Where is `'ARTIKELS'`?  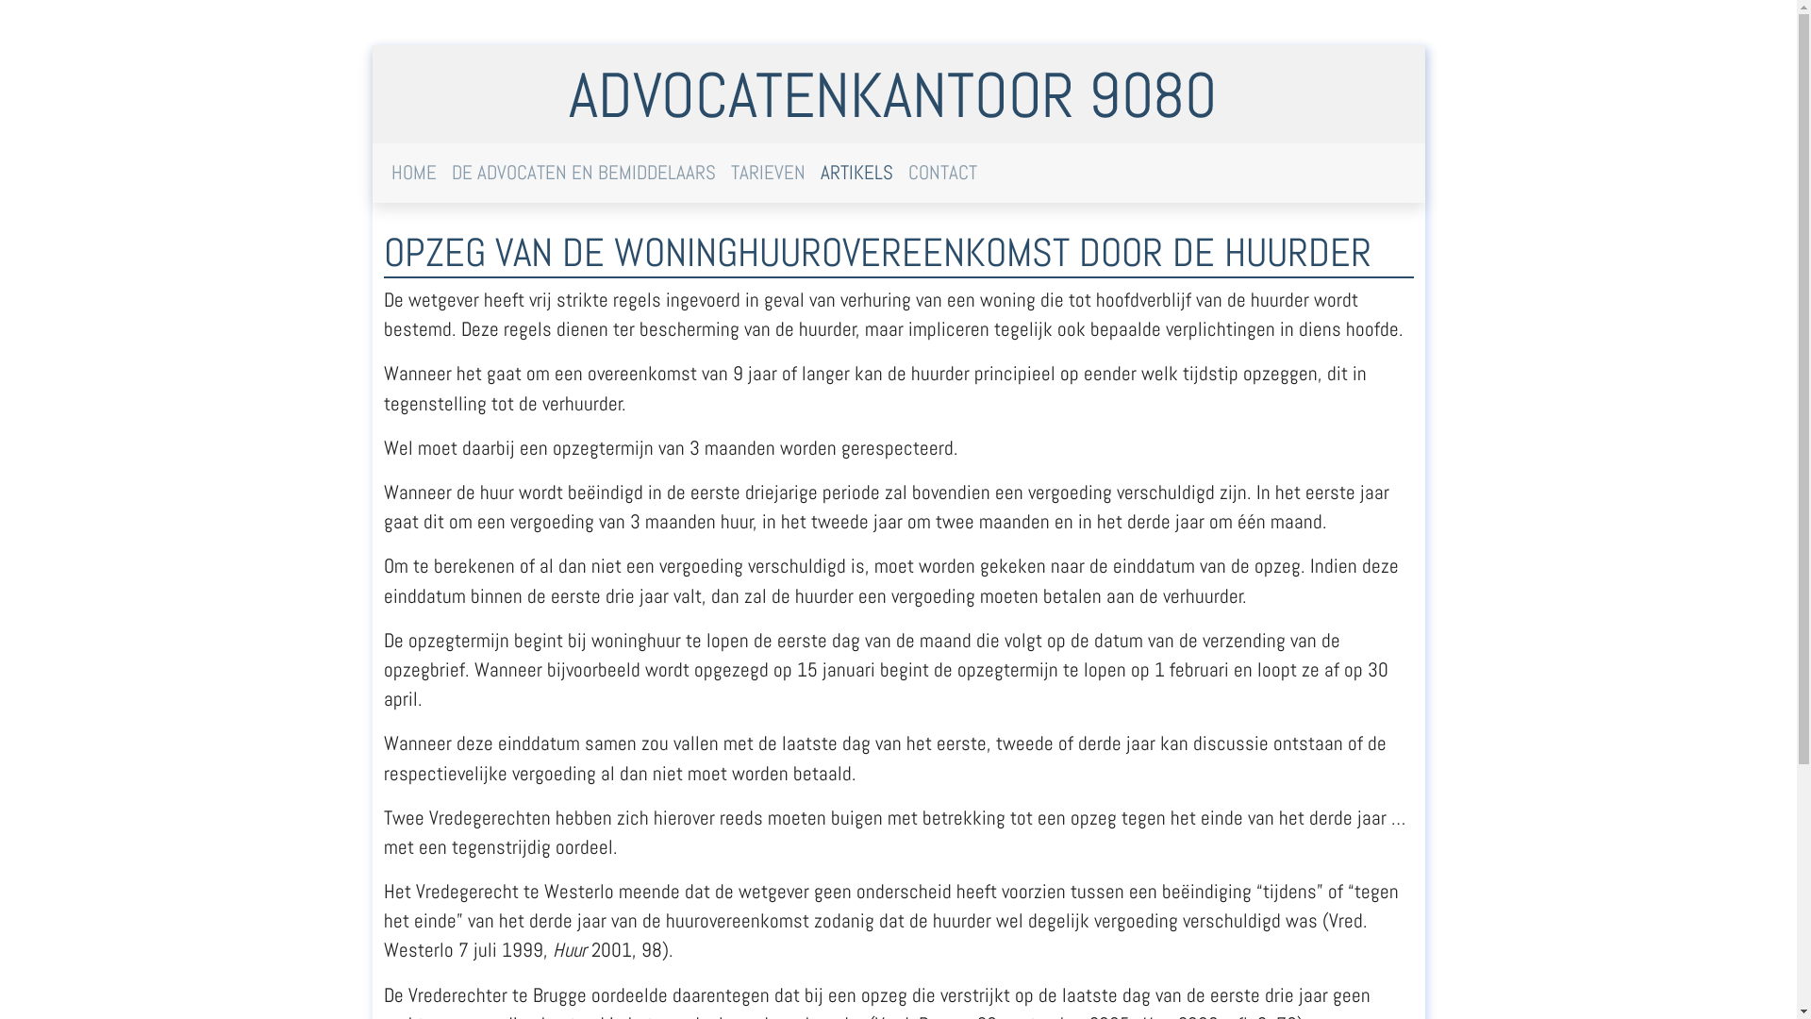
'ARTIKELS' is located at coordinates (856, 173).